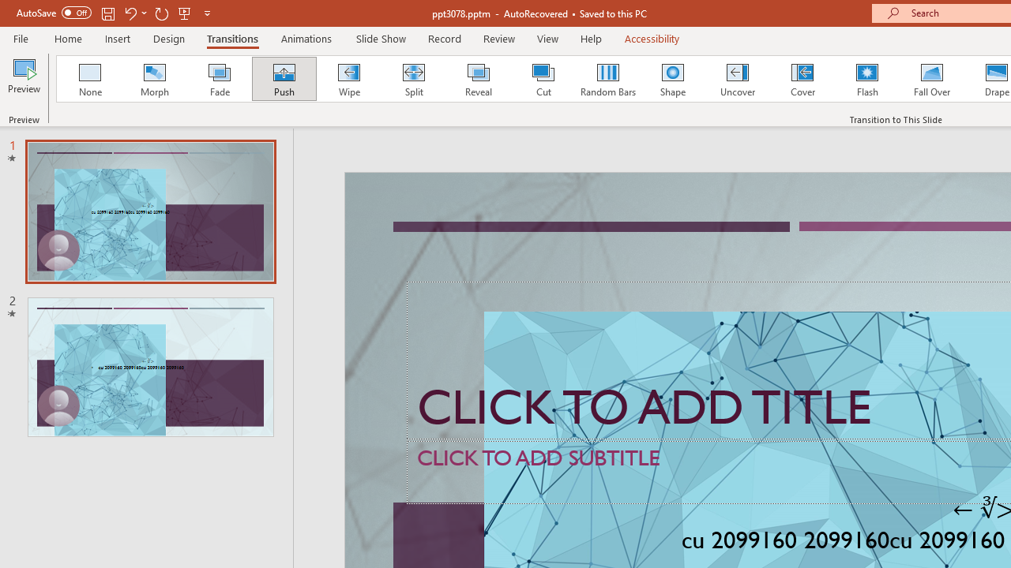  Describe the element at coordinates (154, 79) in the screenshot. I see `'Morph'` at that location.